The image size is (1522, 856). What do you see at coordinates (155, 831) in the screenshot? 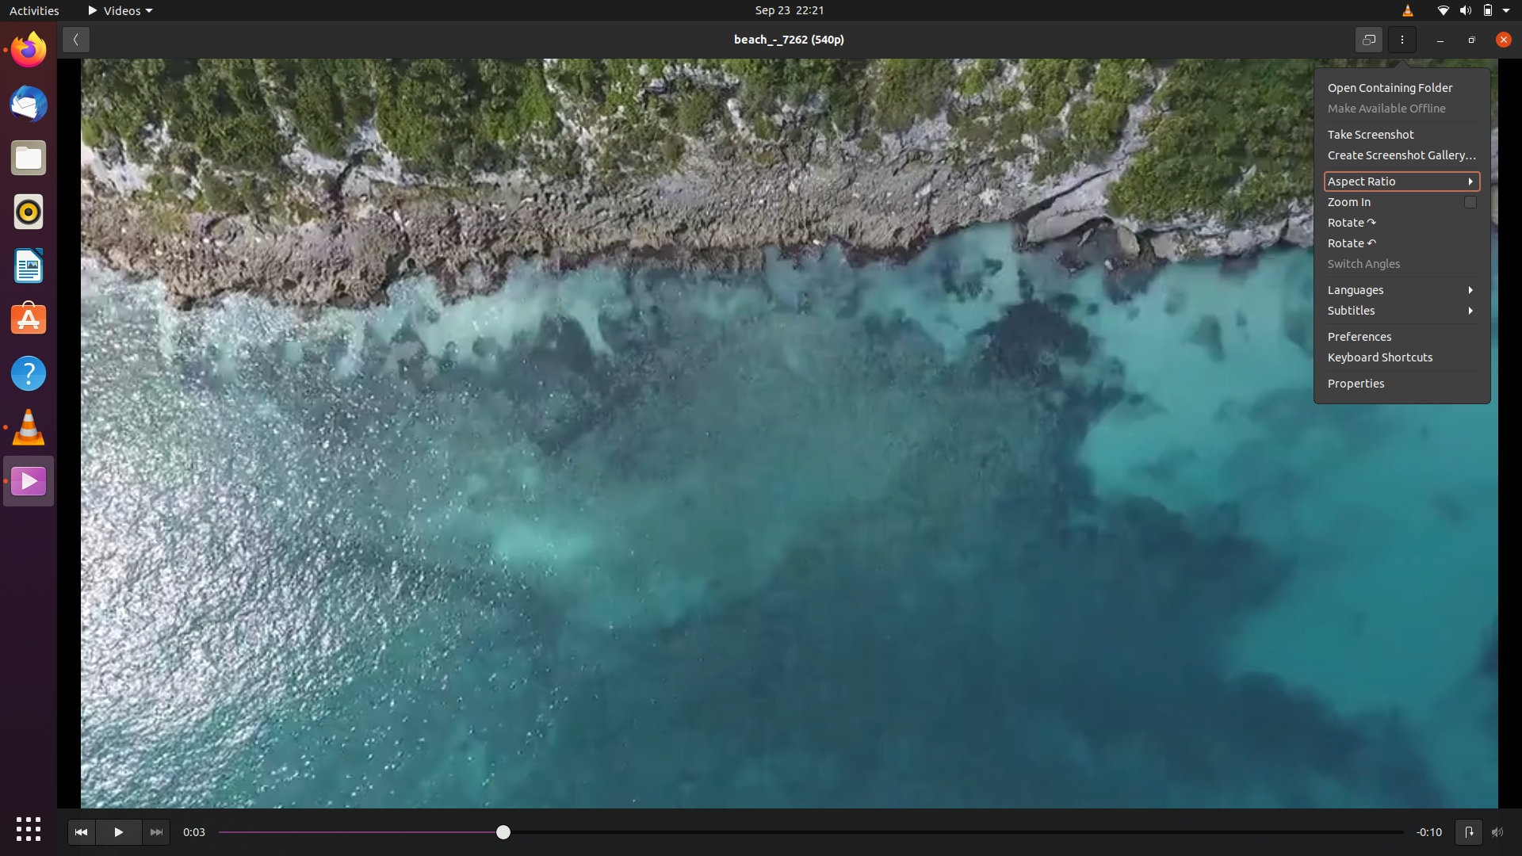
I see `view the subsequent video in the queue` at bounding box center [155, 831].